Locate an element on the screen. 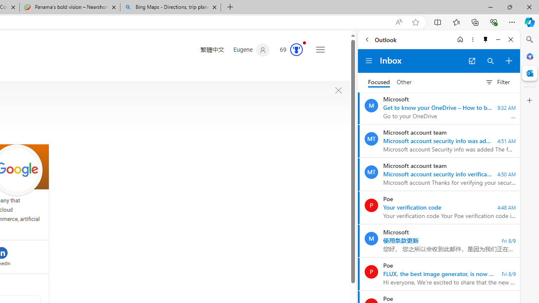 The image size is (539, 303). 'Open in new tab' is located at coordinates (472, 61).